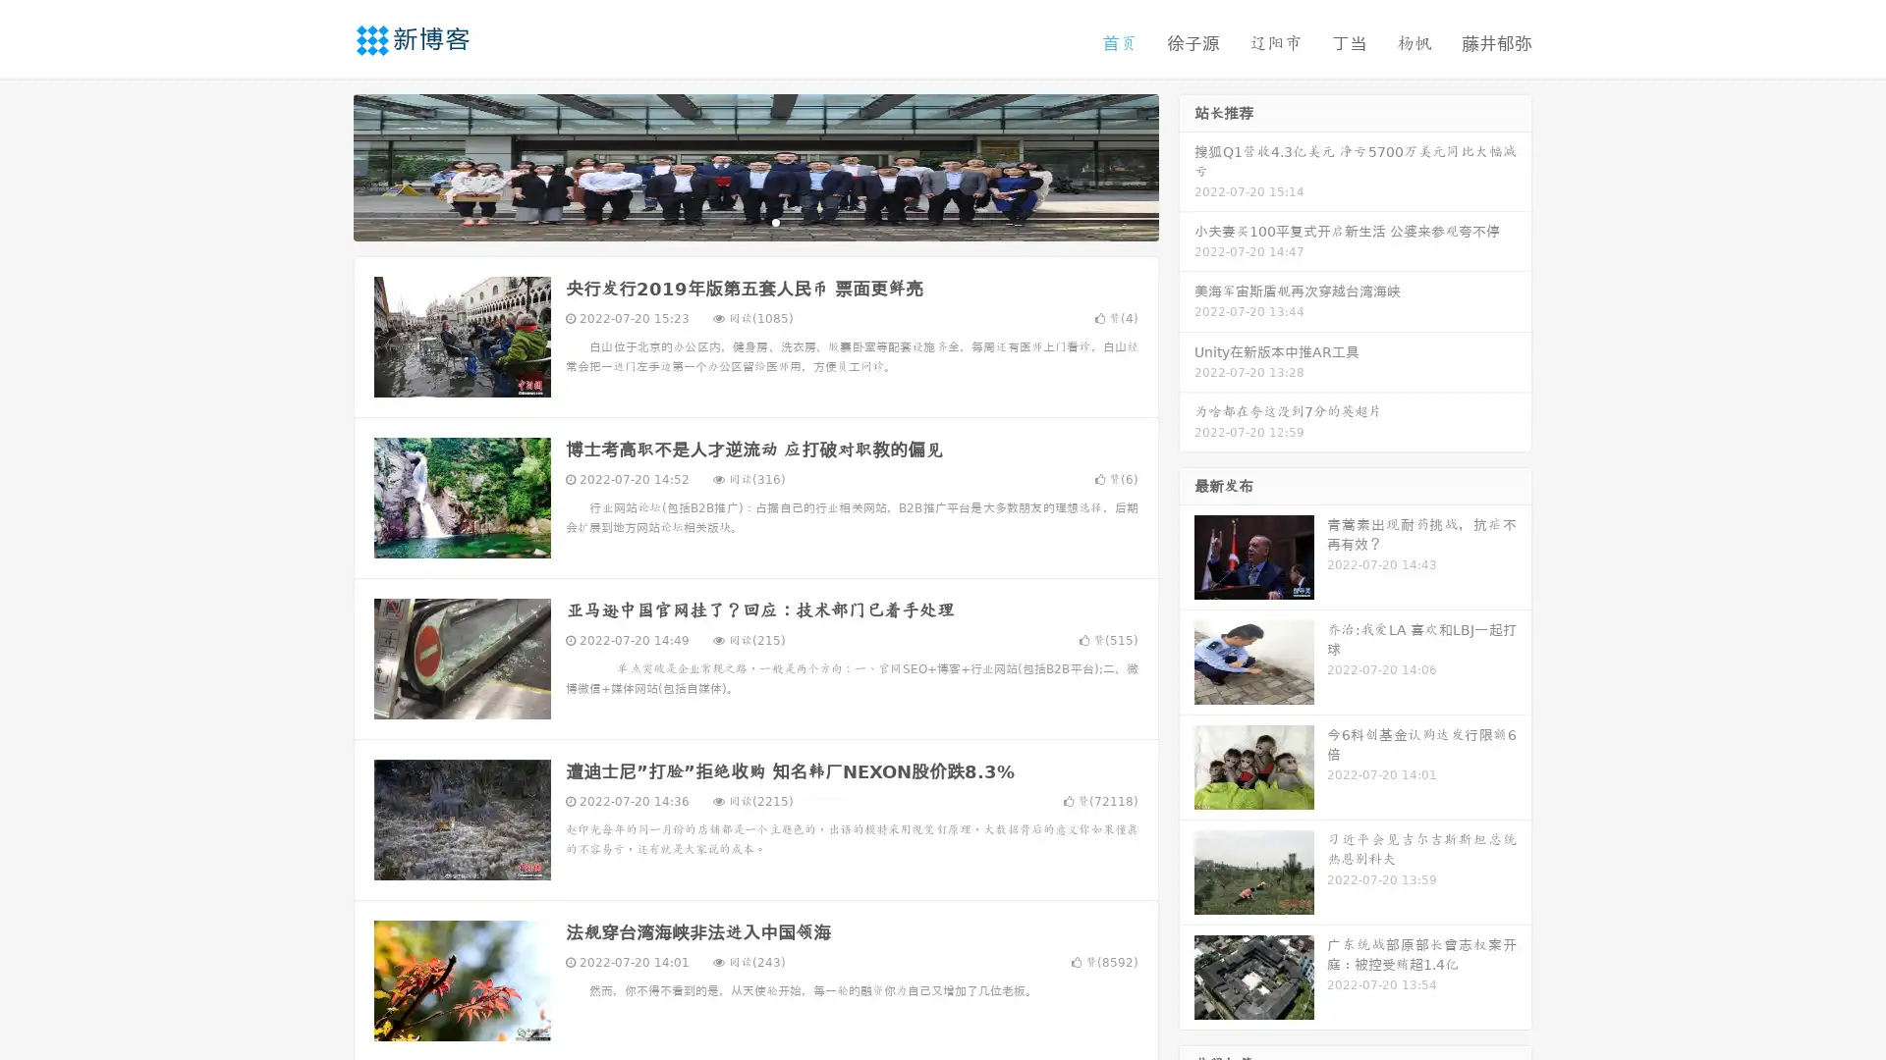 The image size is (1886, 1060). Describe the element at coordinates (1187, 165) in the screenshot. I see `Next slide` at that location.